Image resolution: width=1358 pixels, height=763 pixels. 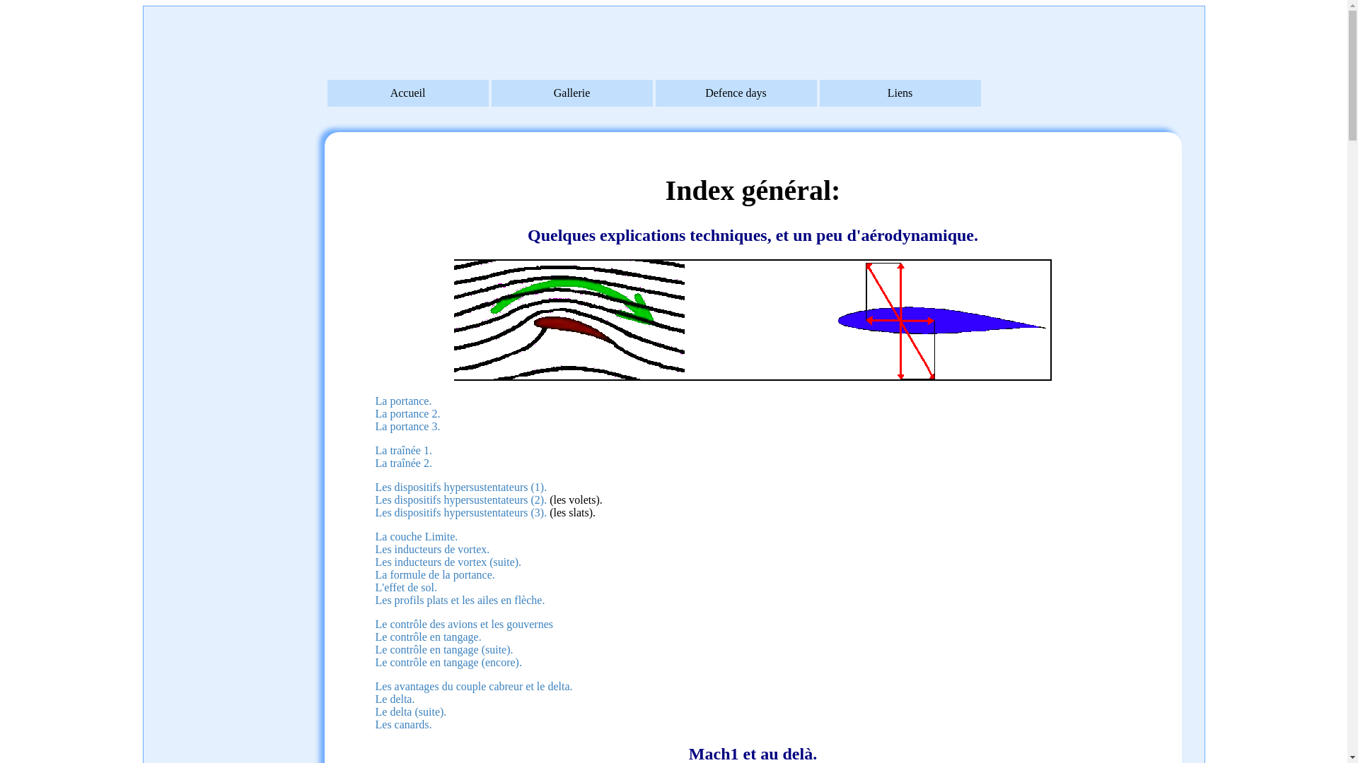 I want to click on 'Les inducteurs de vortex.', so click(x=431, y=548).